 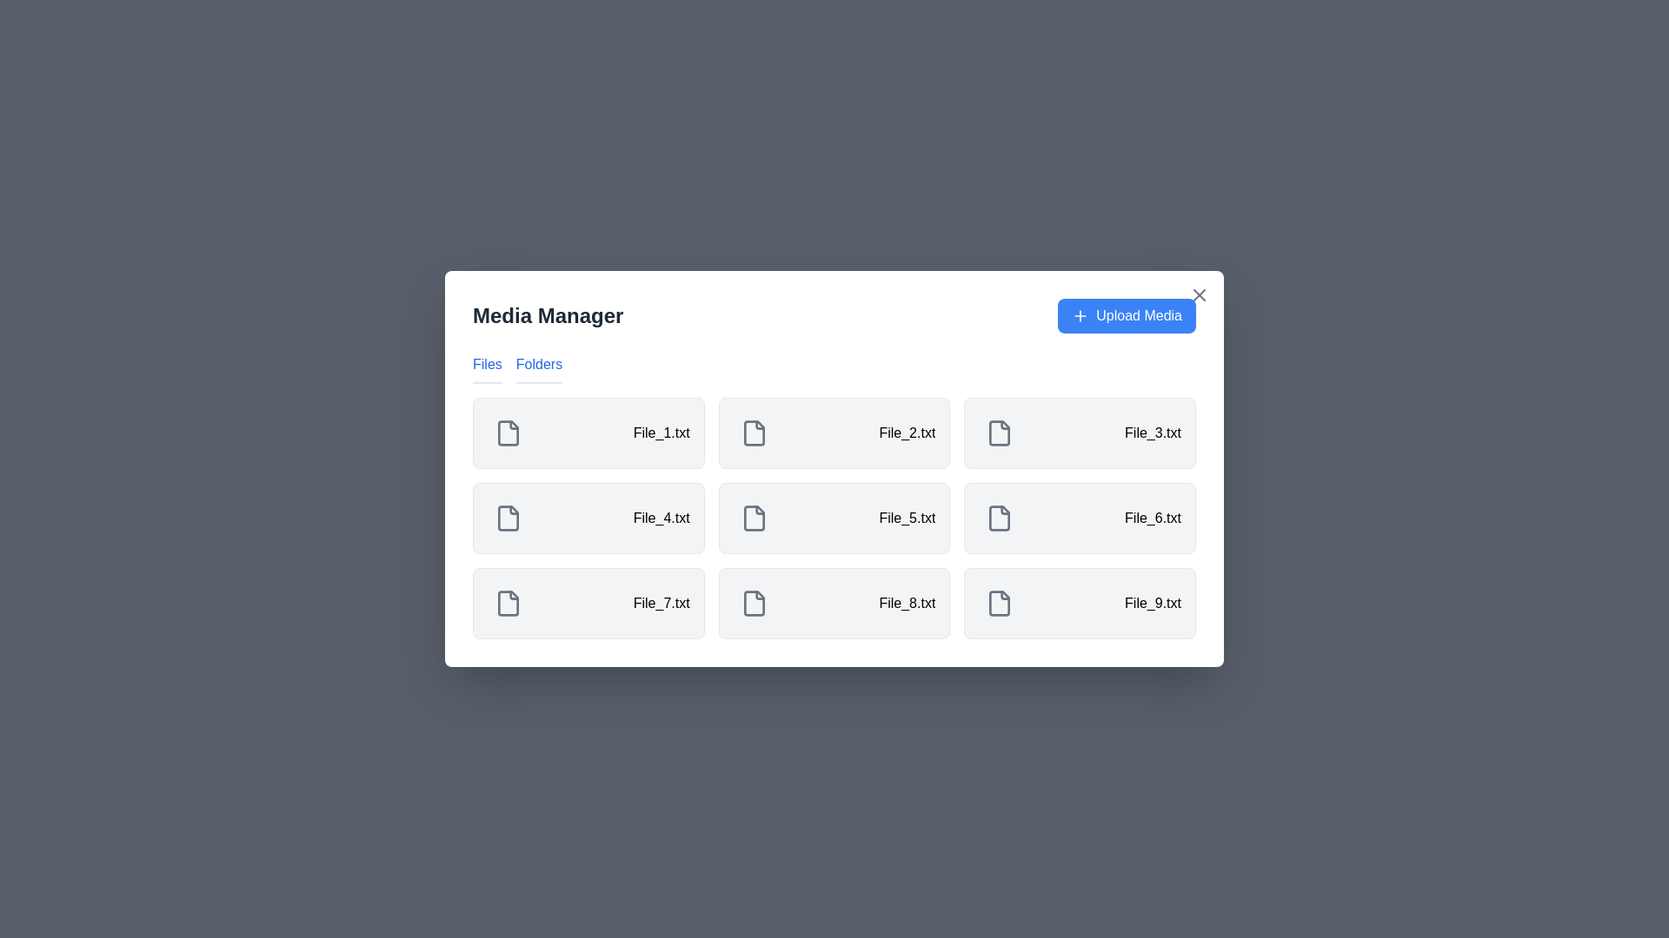 What do you see at coordinates (1000, 432) in the screenshot?
I see `the gray file icon with a folded corner in the top-right position of the third row in the file grid layout of the 'Media Manager' interface` at bounding box center [1000, 432].